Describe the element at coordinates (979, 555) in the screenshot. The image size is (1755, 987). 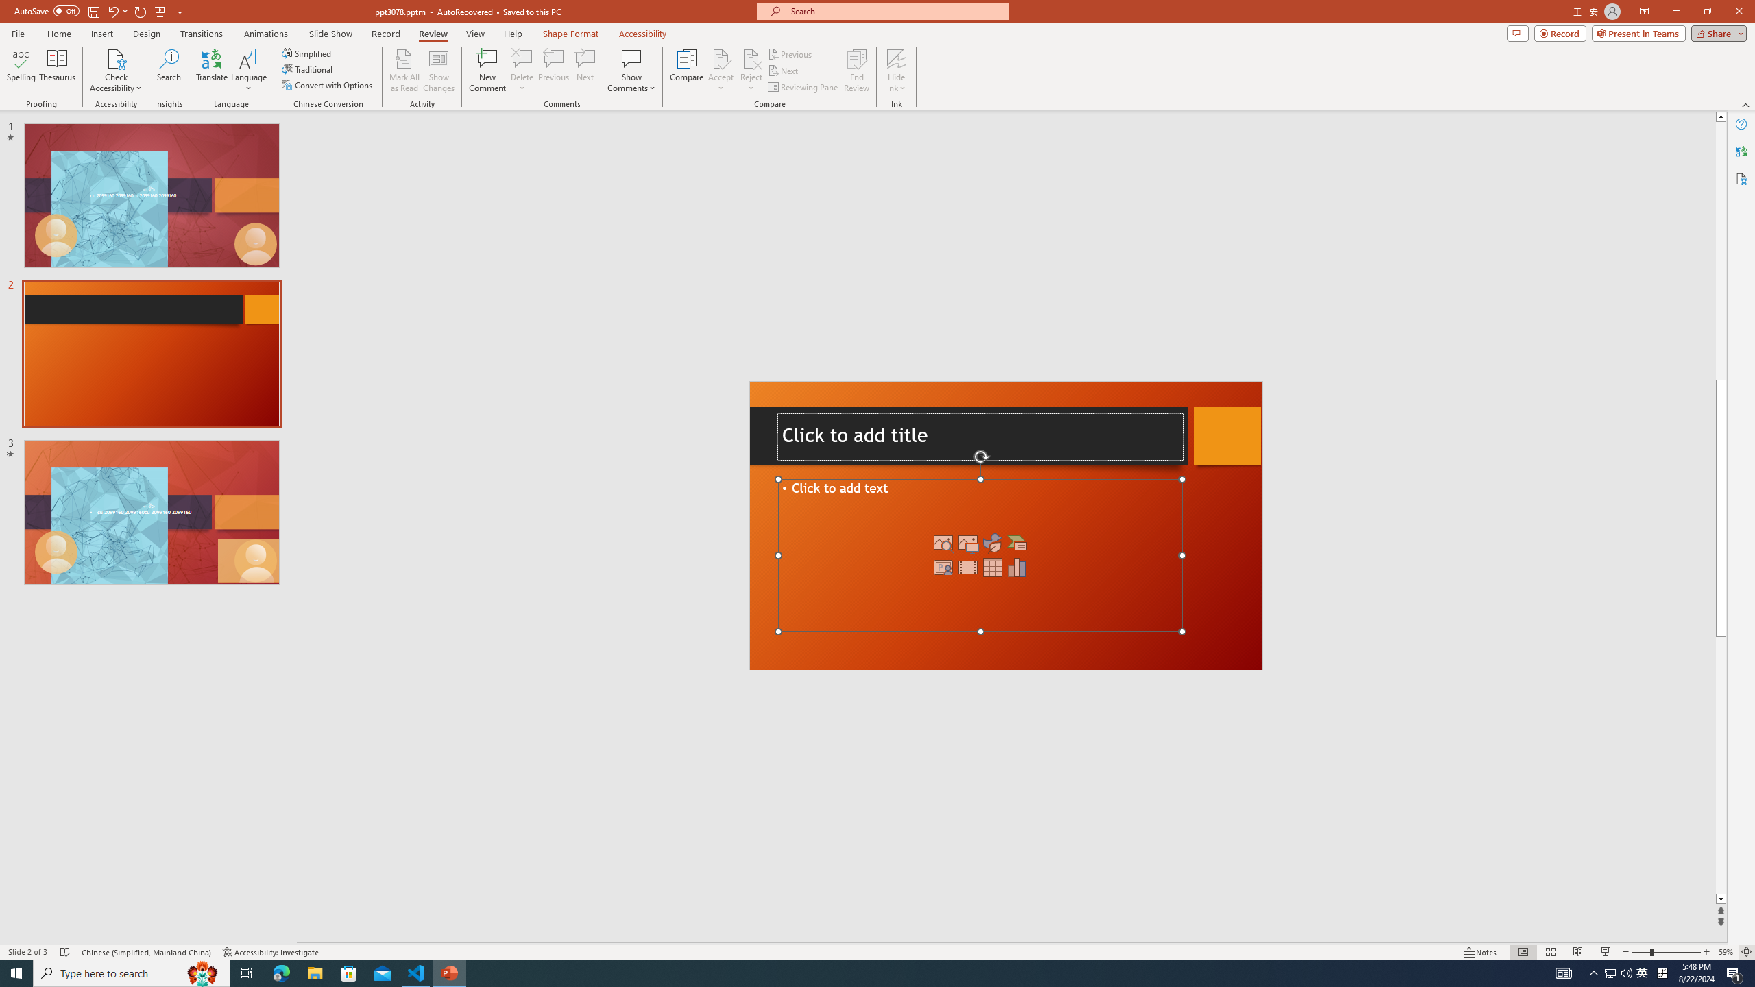
I see `'Content Placeholder'` at that location.